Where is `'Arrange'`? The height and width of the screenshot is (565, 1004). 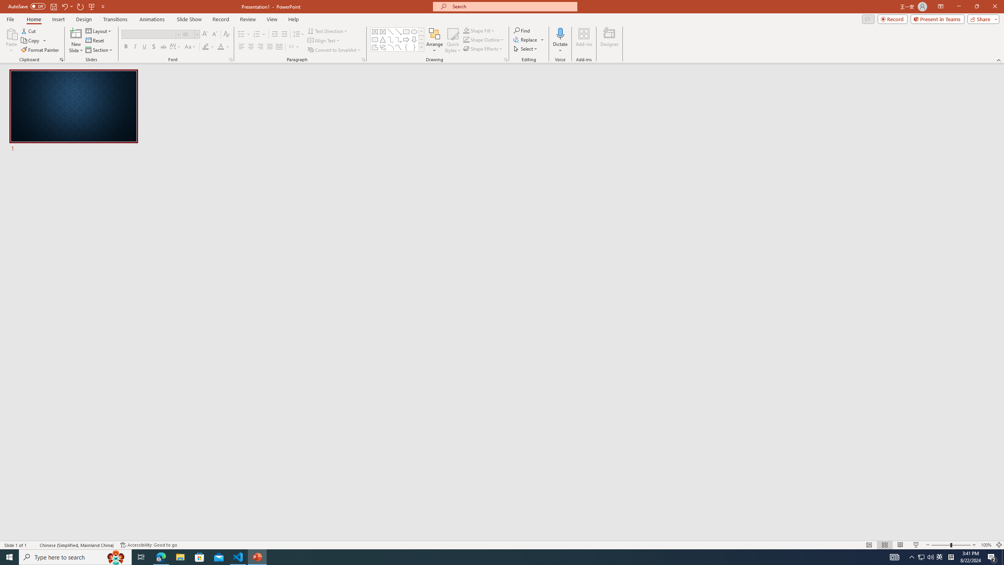 'Arrange' is located at coordinates (435, 40).